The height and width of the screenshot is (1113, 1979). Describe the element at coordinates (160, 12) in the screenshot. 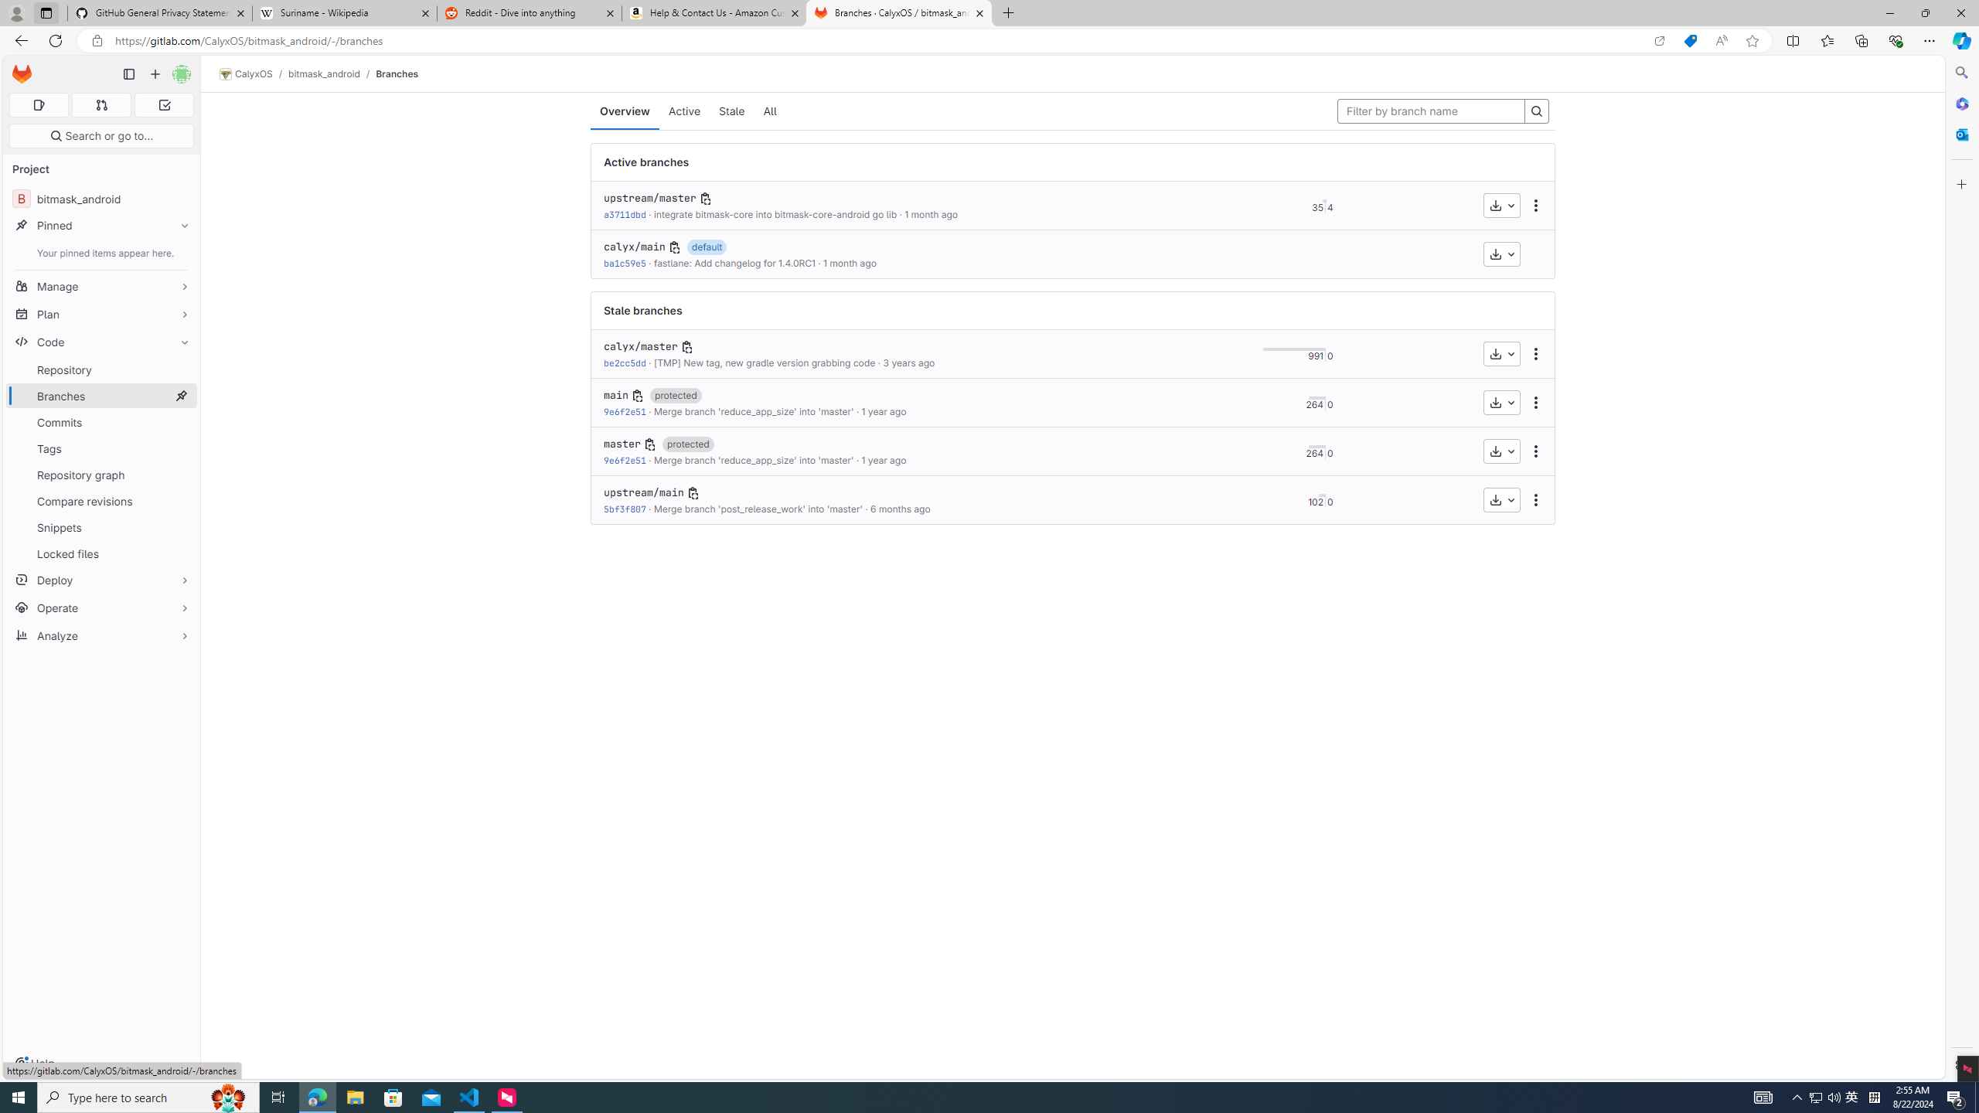

I see `'GitHub General Privacy Statement - GitHub Docs'` at that location.